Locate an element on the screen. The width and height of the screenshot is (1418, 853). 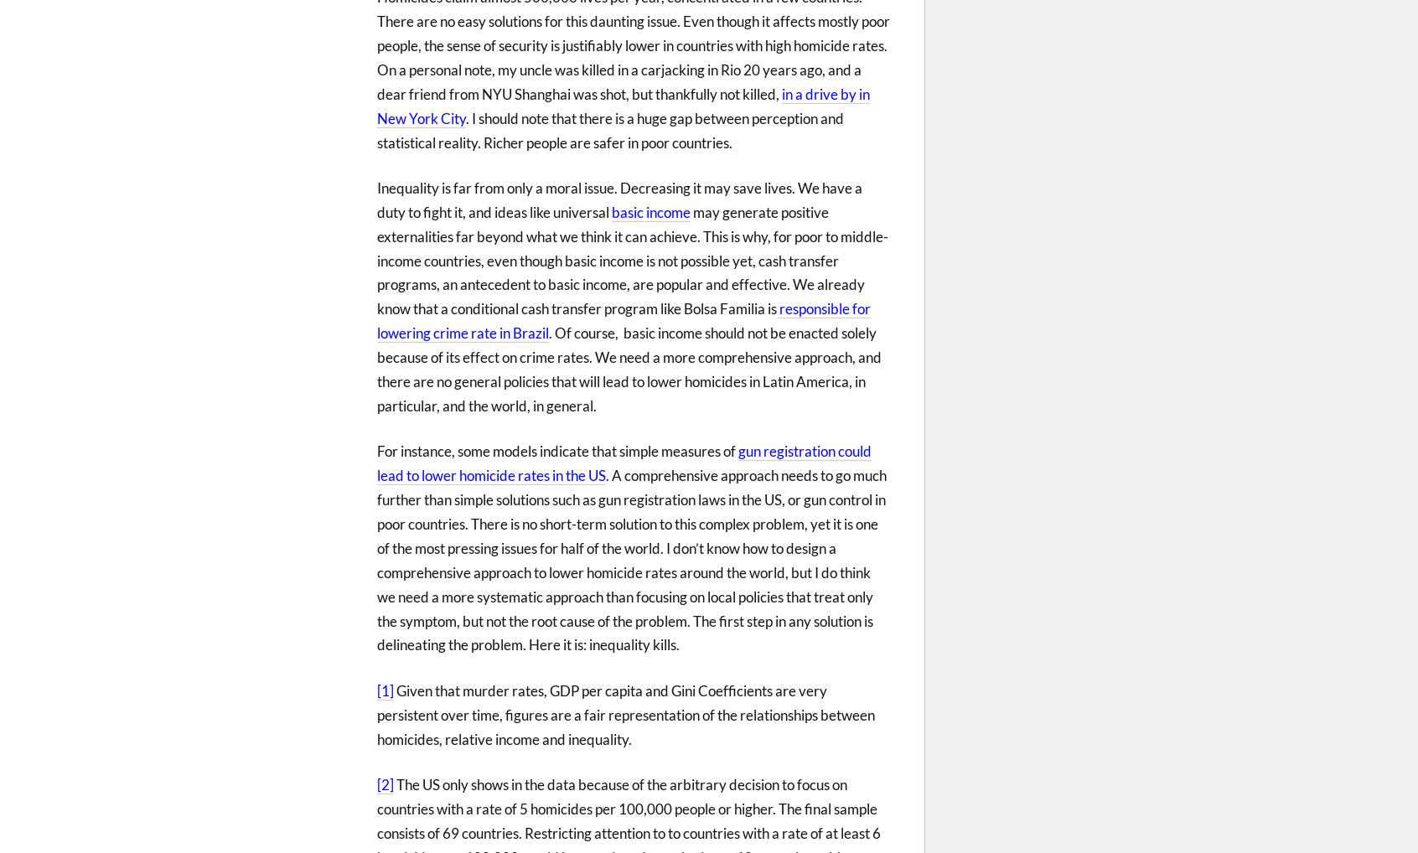
'[1]' is located at coordinates (385, 689).